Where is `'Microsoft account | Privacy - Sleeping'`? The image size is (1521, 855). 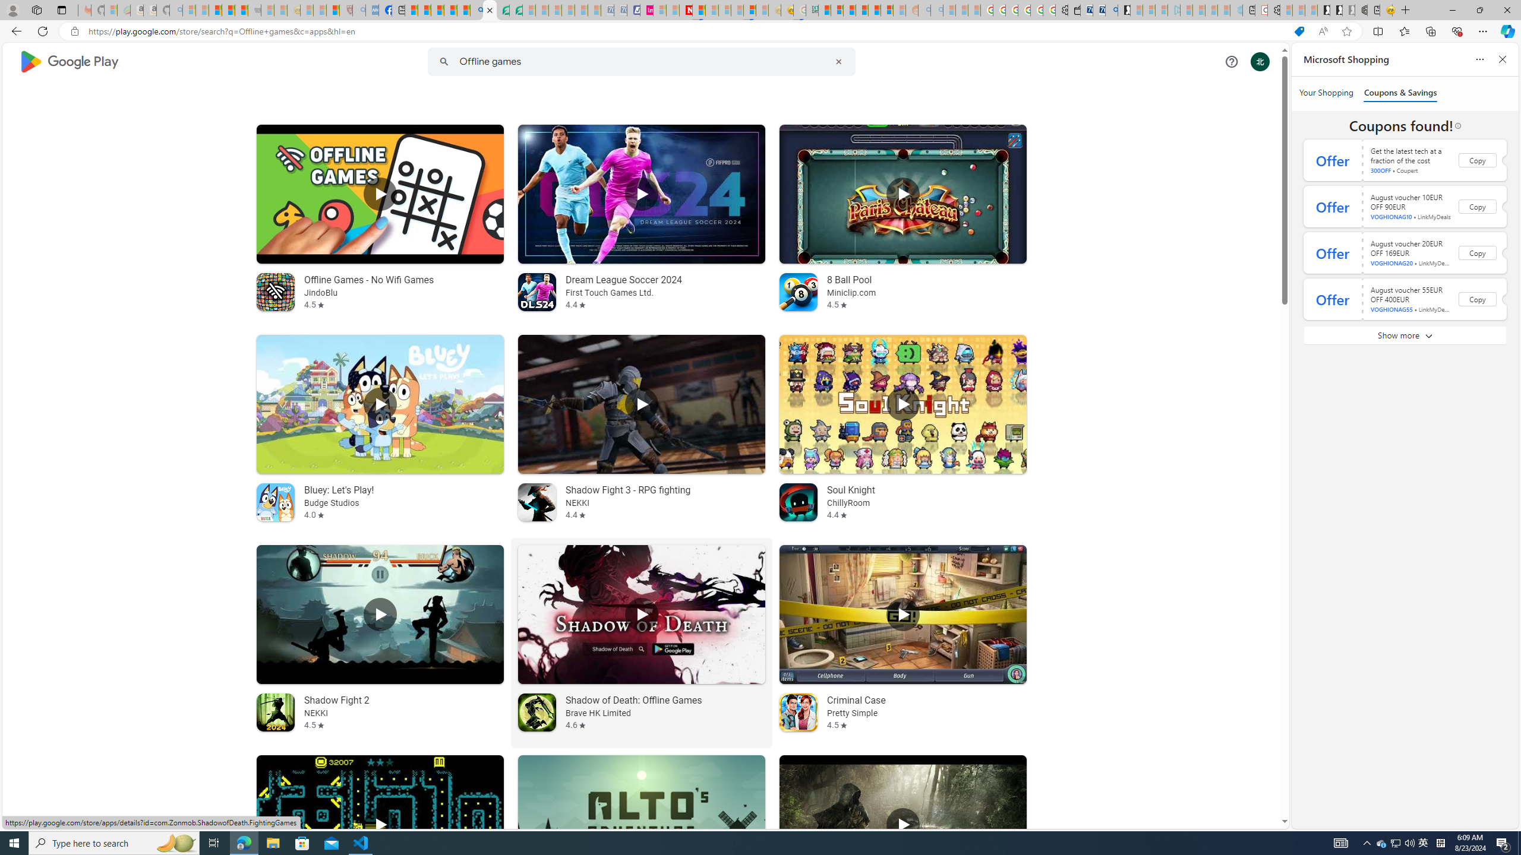
'Microsoft account | Privacy - Sleeping' is located at coordinates (1160, 9).